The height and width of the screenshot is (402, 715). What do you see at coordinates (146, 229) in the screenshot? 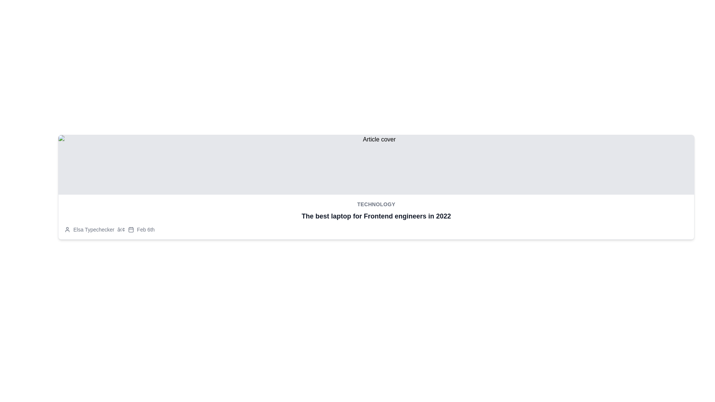
I see `timestamp text element located below the article title and image, positioned to the right of the calendar icon` at bounding box center [146, 229].